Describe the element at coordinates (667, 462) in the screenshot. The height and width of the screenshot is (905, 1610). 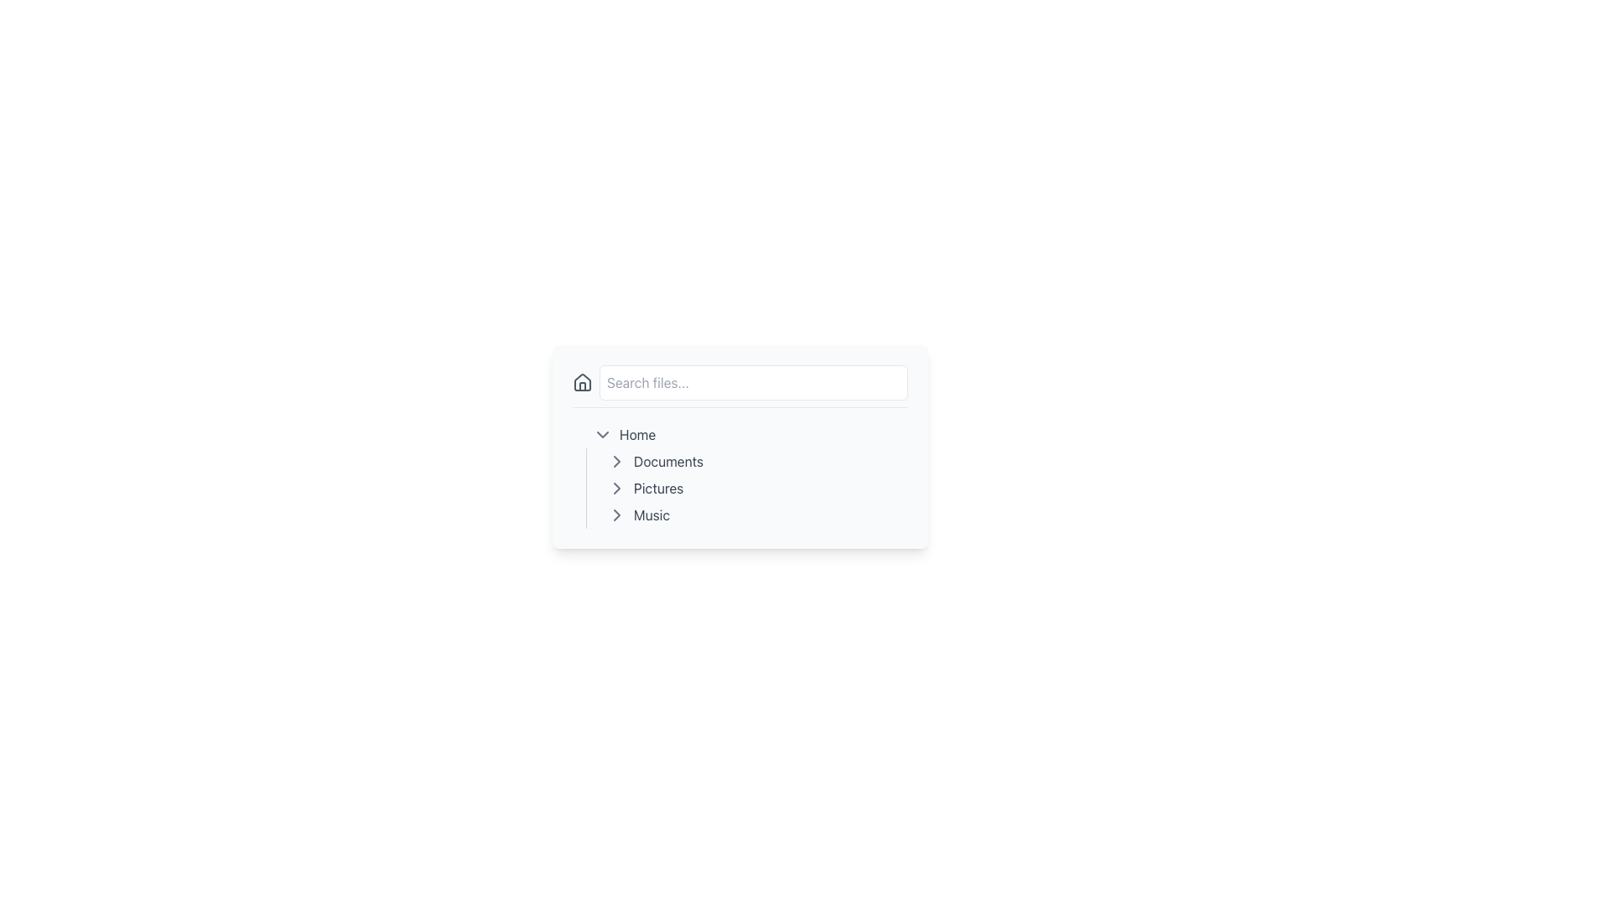
I see `the 'Documents' text label in the navigation list` at that location.